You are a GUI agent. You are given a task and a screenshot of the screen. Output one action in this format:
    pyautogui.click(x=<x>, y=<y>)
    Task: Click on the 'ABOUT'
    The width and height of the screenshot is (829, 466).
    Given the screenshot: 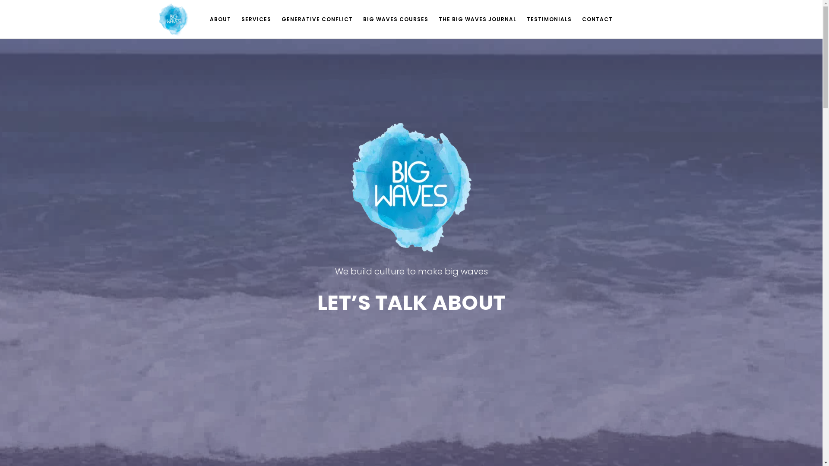 What is the action you would take?
    pyautogui.click(x=220, y=19)
    